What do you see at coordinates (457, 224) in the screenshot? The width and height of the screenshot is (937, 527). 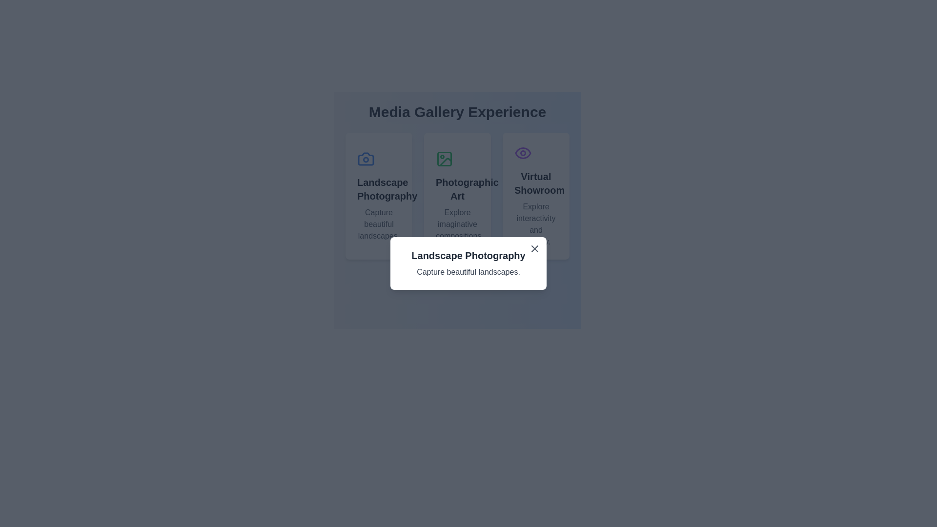 I see `descriptive tagline text label located below the 'Photographic Art' text in the central card structure` at bounding box center [457, 224].